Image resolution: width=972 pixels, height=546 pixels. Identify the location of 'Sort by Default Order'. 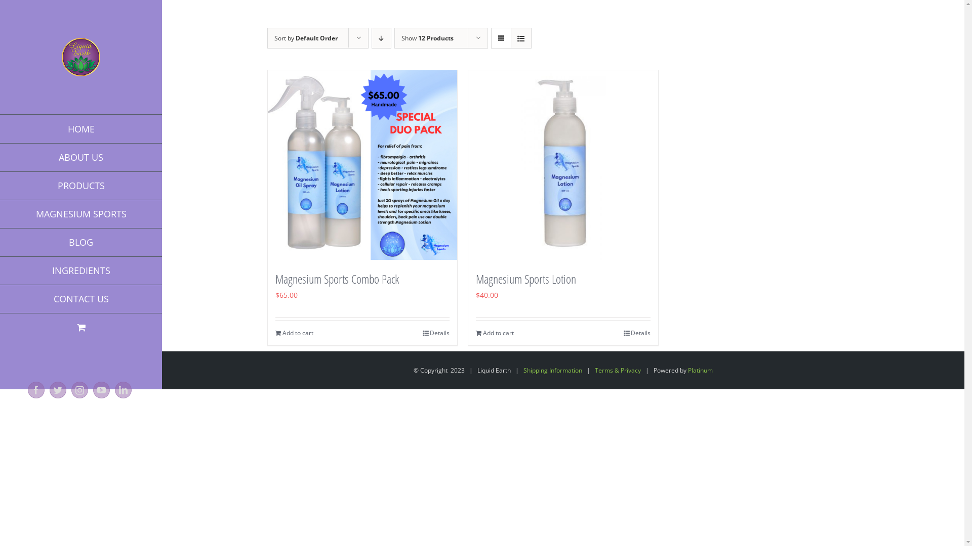
(305, 37).